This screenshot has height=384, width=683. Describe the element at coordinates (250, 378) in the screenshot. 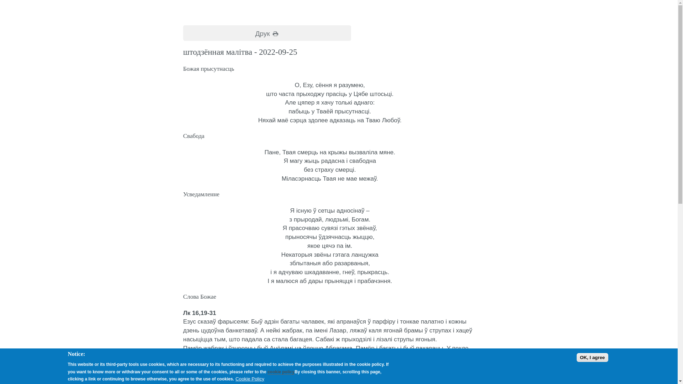

I see `'Cookie Policy'` at that location.